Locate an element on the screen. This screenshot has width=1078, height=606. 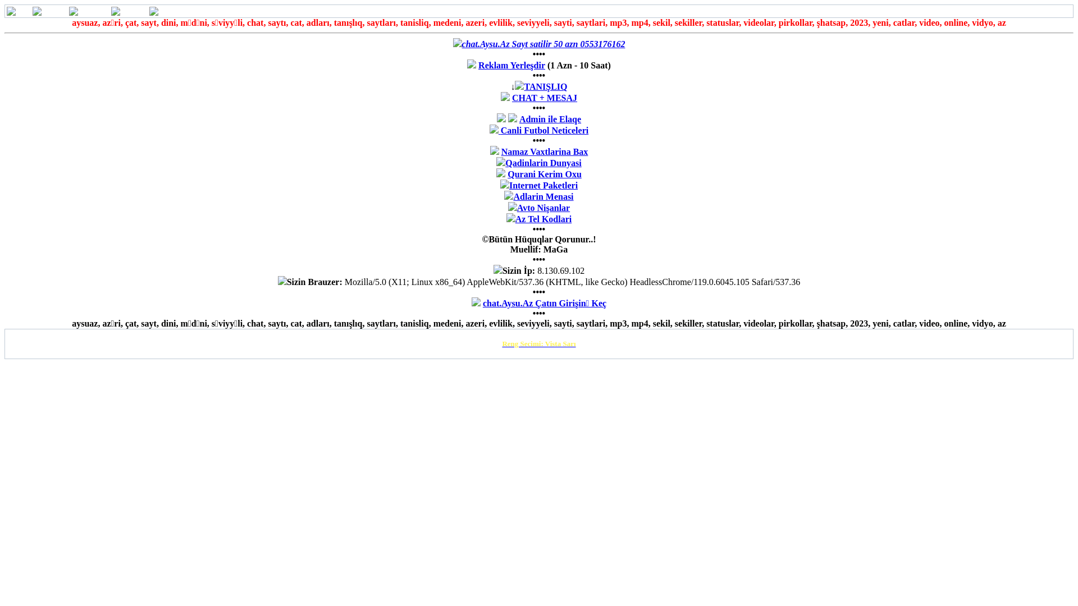
'Mesajlar' is located at coordinates (32, 11).